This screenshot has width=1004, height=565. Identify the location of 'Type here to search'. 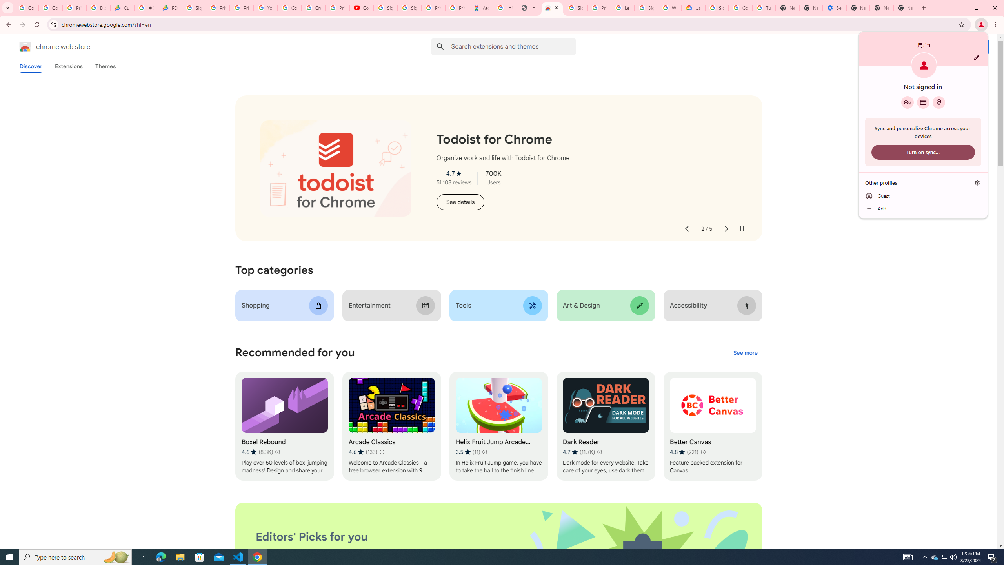
(75, 556).